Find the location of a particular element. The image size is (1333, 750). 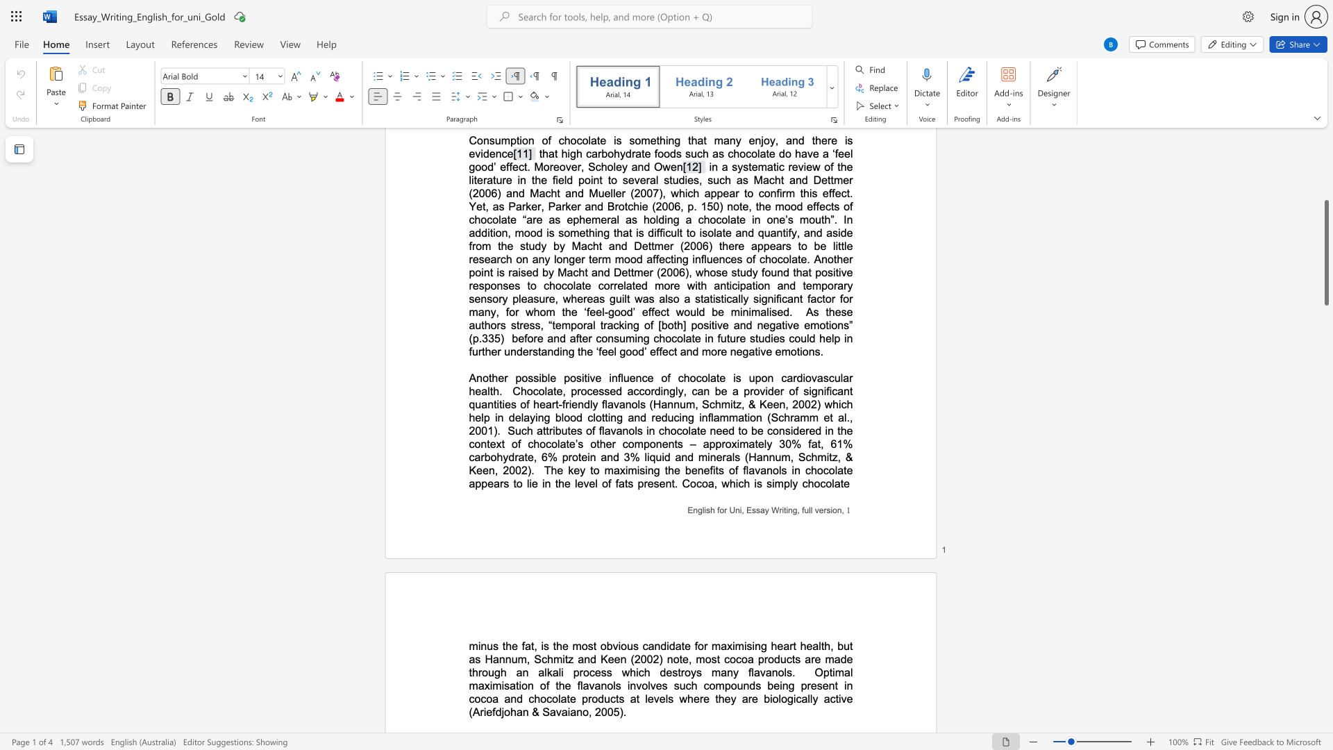

the scrollbar and move up 350 pixels is located at coordinates (1325, 253).